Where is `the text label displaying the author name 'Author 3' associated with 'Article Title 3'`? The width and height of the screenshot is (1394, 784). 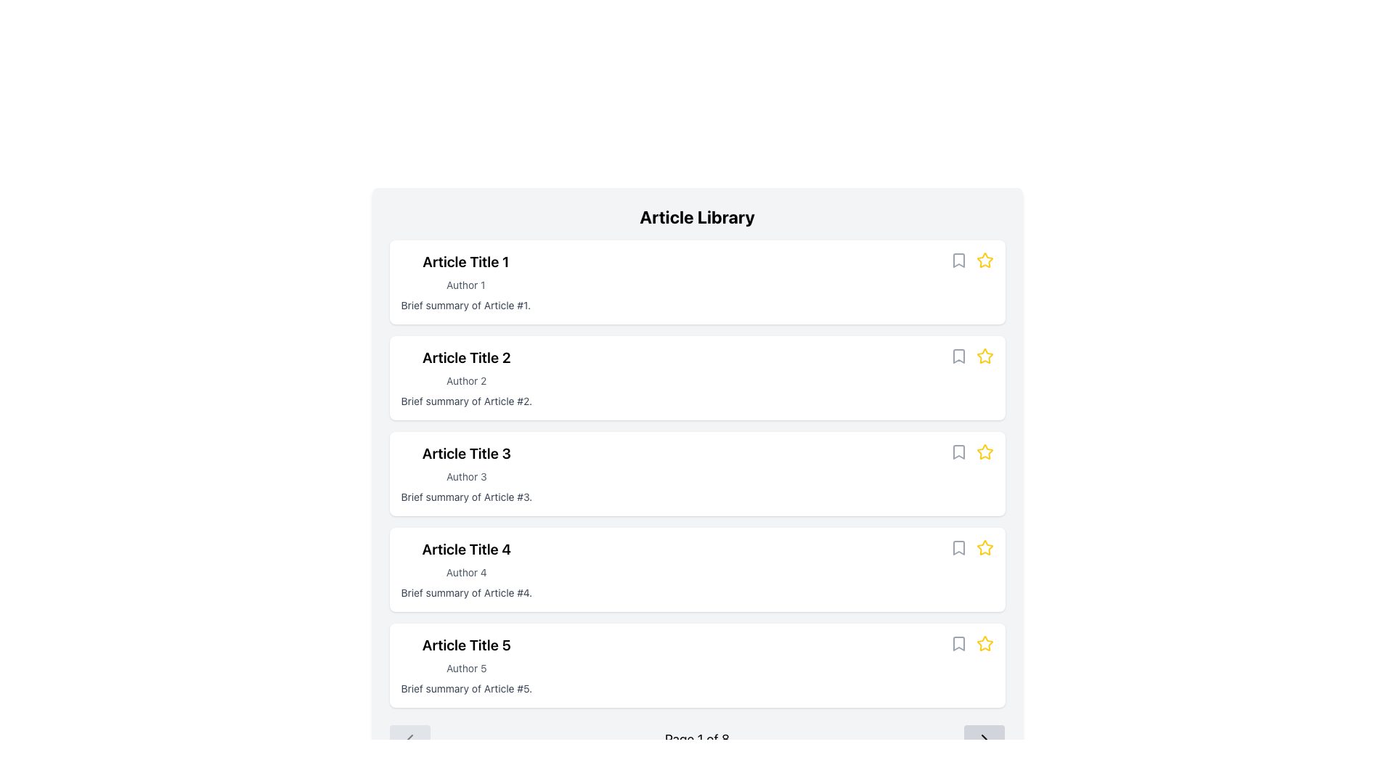 the text label displaying the author name 'Author 3' associated with 'Article Title 3' is located at coordinates (466, 476).